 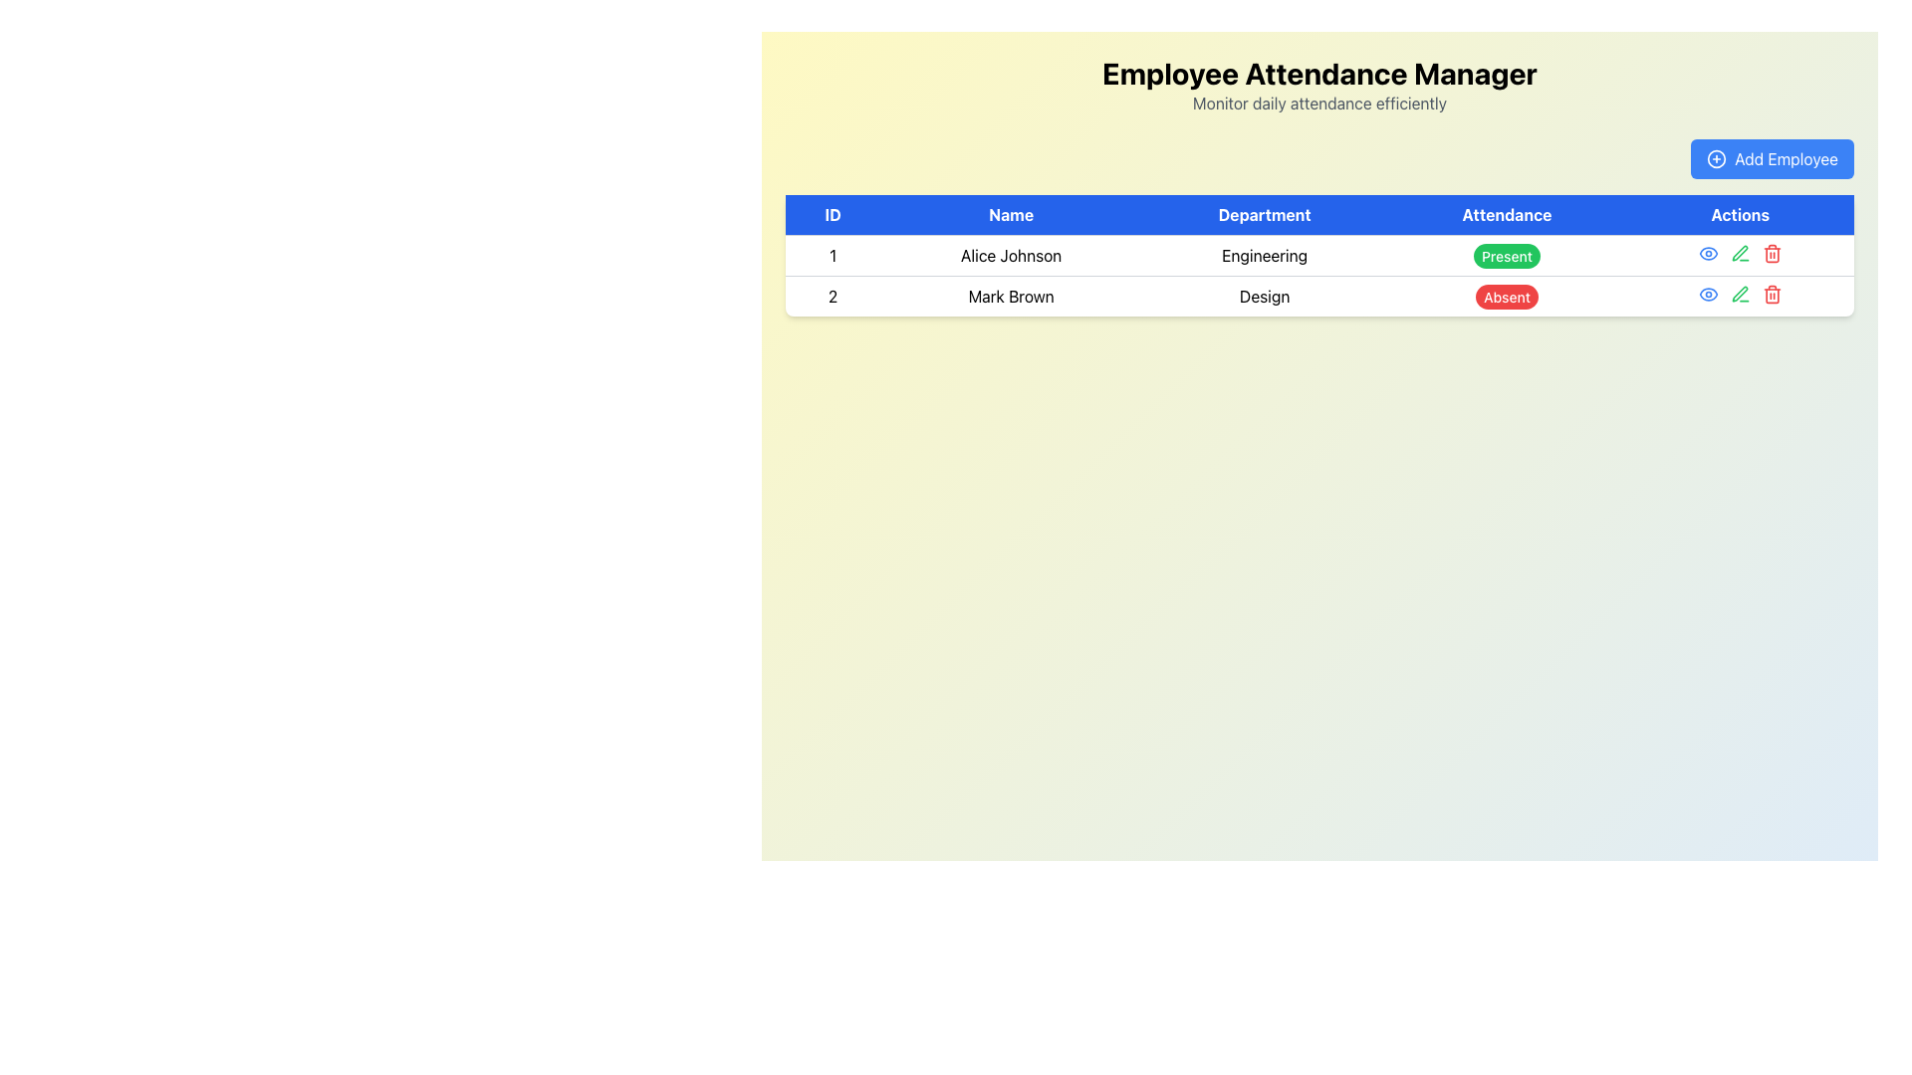 I want to click on text content of the header cell labeled 'ID' in the table, which is the first column header displayed in bold white font on a blue background, so click(x=833, y=215).